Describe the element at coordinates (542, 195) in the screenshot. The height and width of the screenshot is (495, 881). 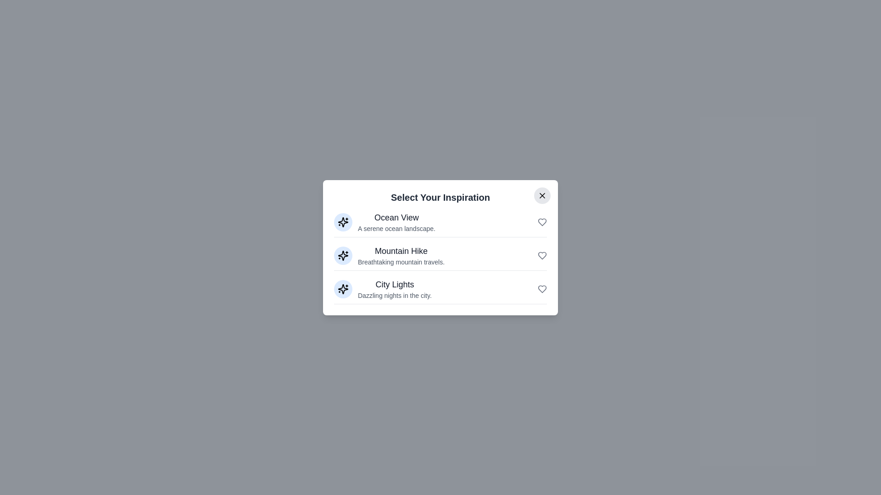
I see `the close button in the top-right corner of the dialog to close it` at that location.